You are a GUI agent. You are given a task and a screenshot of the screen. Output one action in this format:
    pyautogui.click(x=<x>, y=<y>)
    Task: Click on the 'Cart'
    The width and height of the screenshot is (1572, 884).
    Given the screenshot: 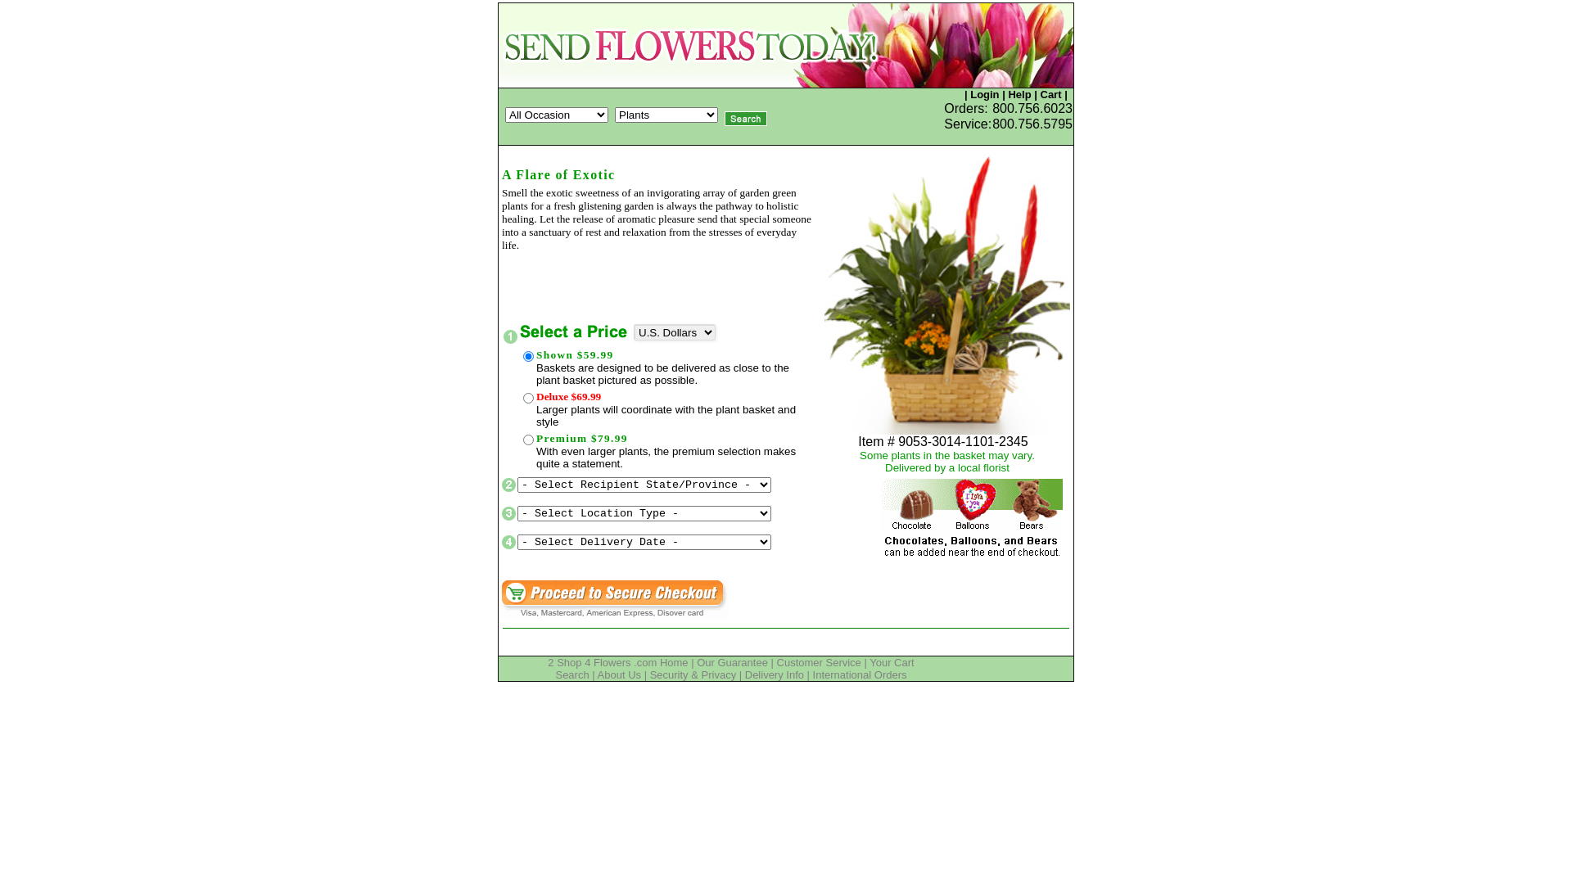 What is the action you would take?
    pyautogui.click(x=1039, y=94)
    